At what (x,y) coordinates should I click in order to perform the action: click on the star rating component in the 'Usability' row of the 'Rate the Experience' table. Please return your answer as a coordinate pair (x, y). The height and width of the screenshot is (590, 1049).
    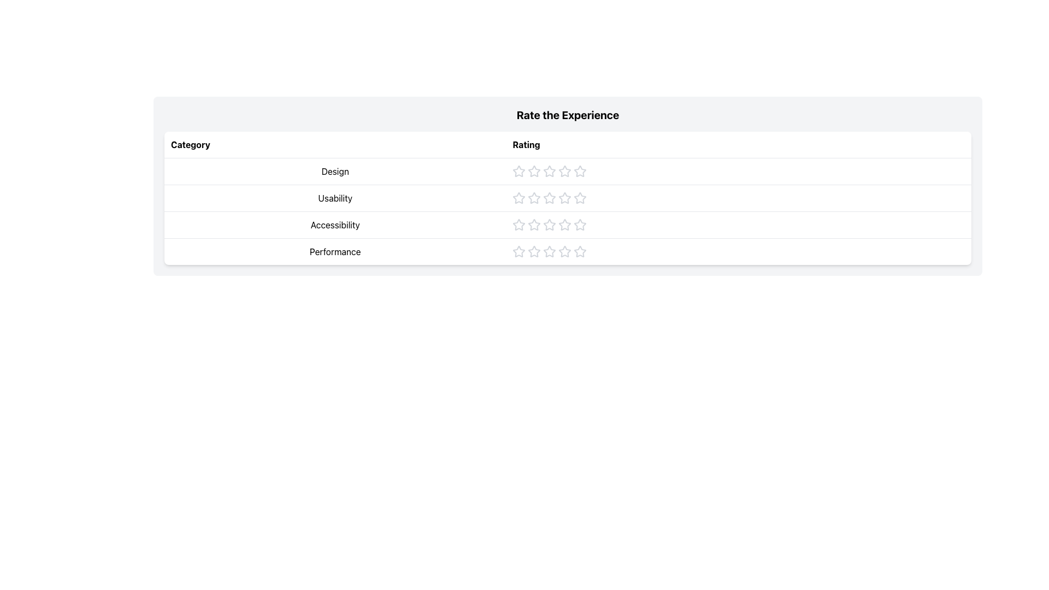
    Looking at the image, I should click on (568, 198).